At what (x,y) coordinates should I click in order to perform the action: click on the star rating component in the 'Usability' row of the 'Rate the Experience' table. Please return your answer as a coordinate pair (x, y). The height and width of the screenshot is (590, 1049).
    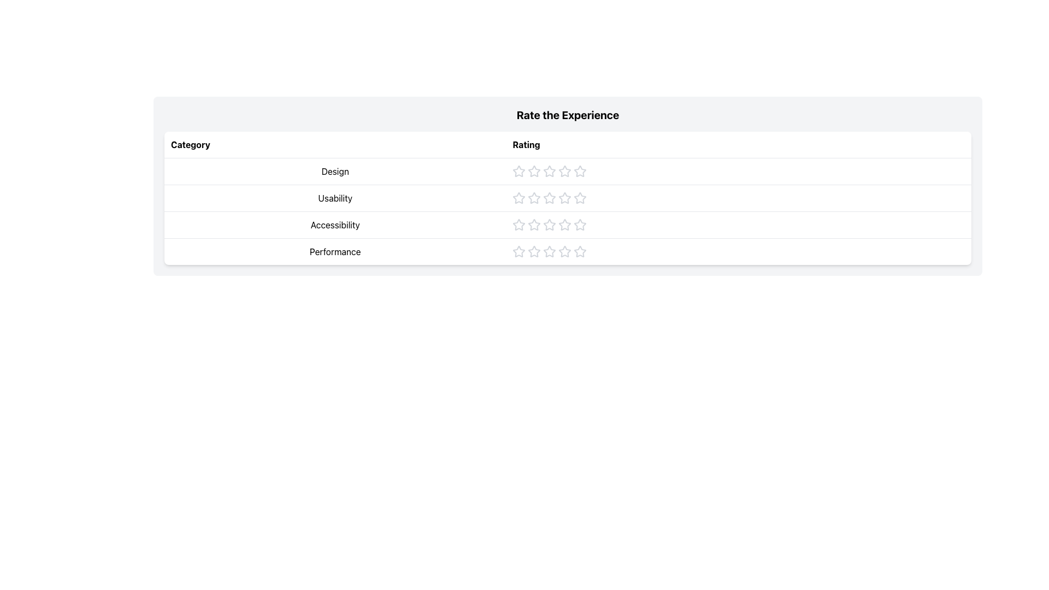
    Looking at the image, I should click on (568, 198).